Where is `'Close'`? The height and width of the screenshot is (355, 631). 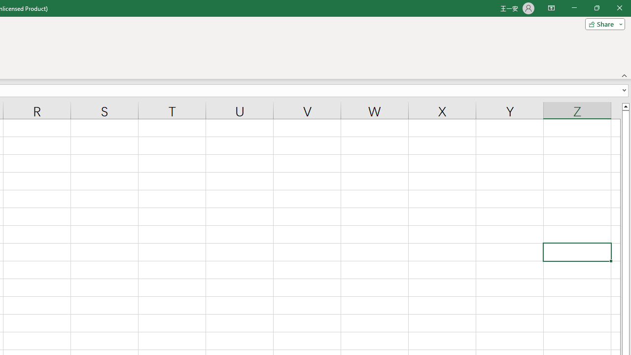
'Close' is located at coordinates (619, 8).